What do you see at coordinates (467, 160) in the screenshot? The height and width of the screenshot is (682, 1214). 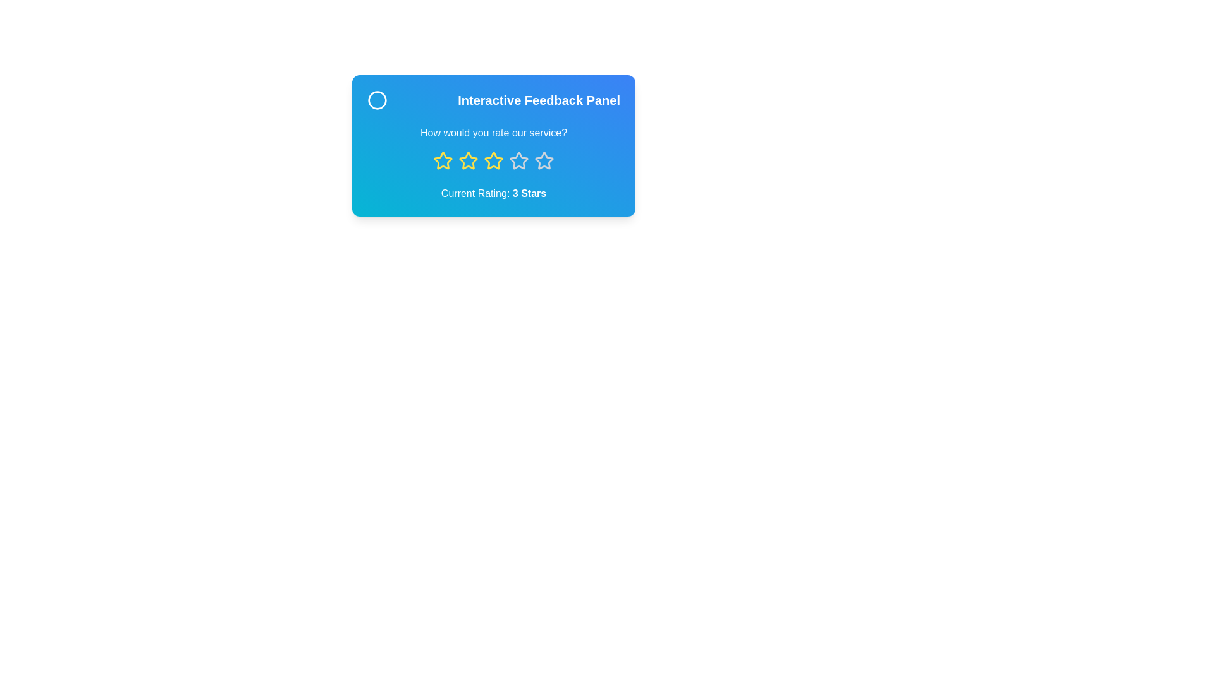 I see `the third star icon in the feedback panel` at bounding box center [467, 160].